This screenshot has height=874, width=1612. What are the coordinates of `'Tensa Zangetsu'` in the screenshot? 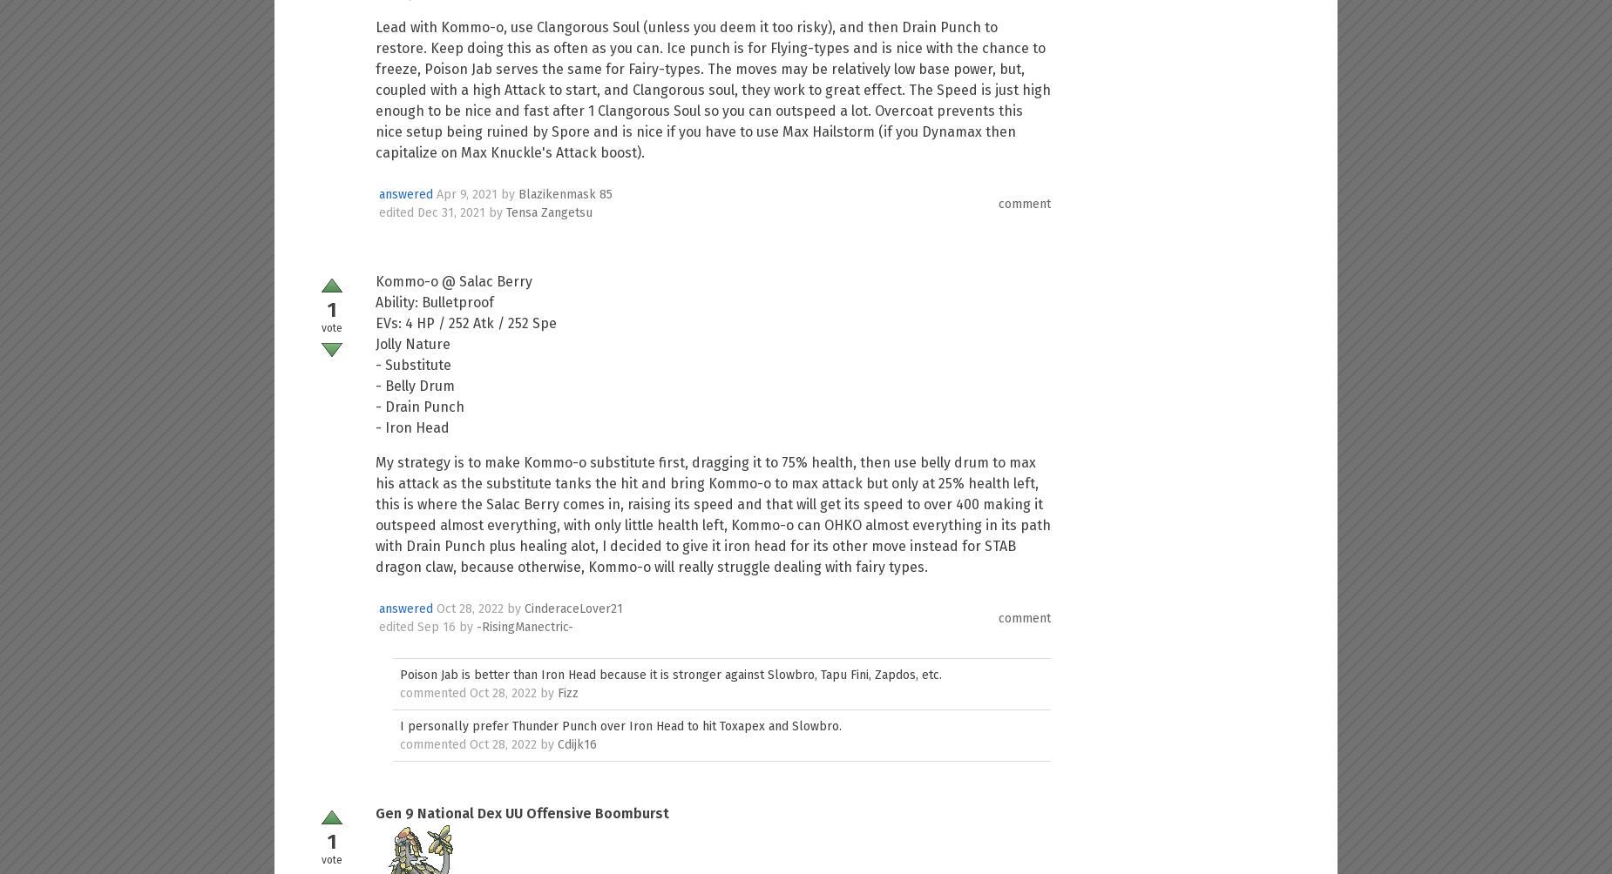 It's located at (506, 212).